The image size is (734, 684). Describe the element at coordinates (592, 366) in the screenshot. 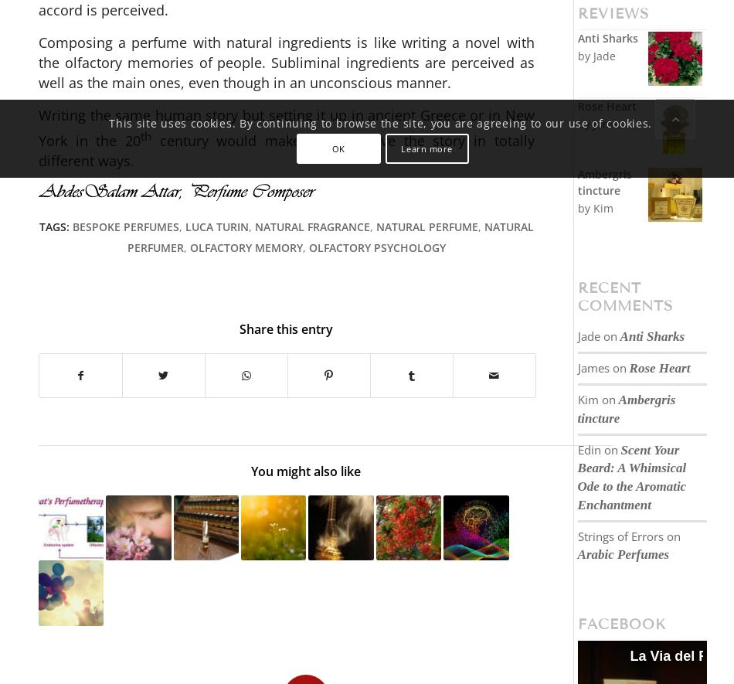

I see `'James'` at that location.